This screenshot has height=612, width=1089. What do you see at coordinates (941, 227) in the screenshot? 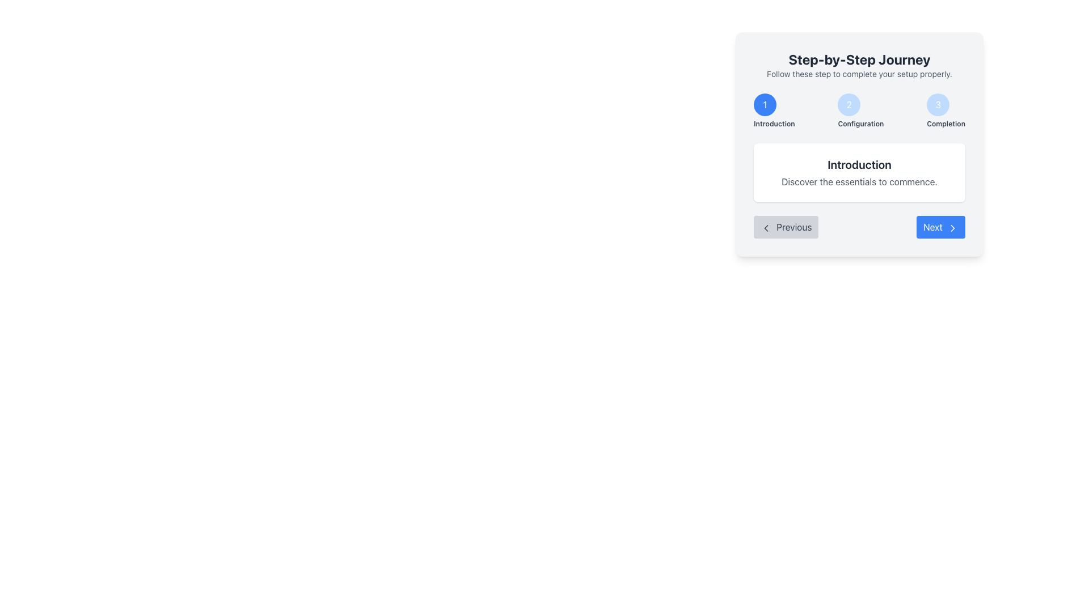
I see `the 'Next' button located at the bottom right corner of the card` at bounding box center [941, 227].